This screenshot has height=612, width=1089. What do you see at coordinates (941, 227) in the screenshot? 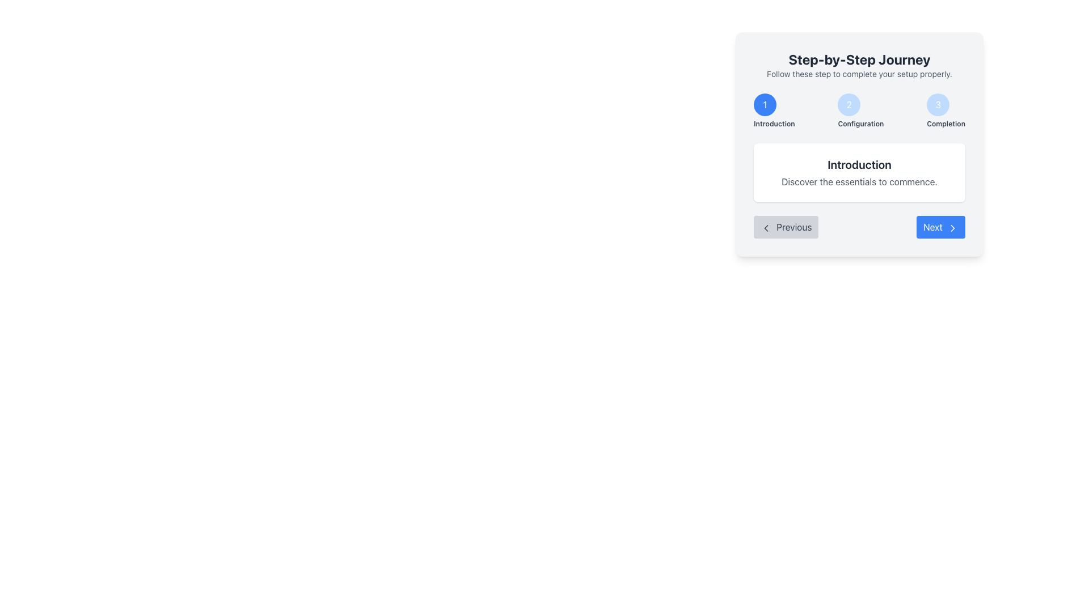
I see `the 'Next' button located at the bottom right corner of the card` at bounding box center [941, 227].